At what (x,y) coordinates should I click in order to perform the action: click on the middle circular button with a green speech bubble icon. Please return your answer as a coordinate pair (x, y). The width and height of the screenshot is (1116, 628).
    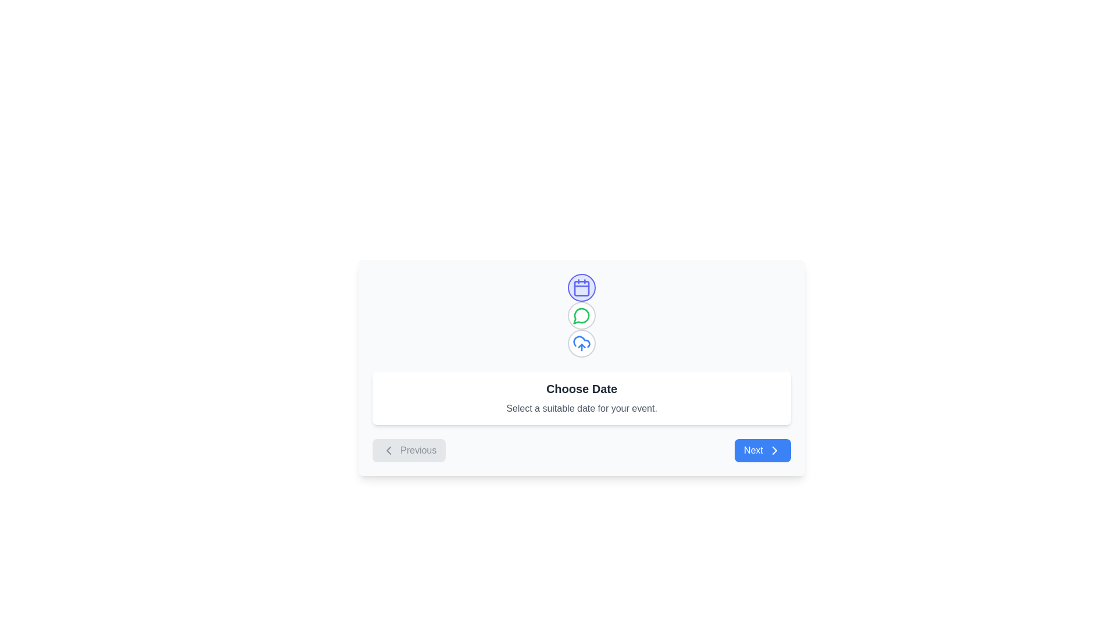
    Looking at the image, I should click on (582, 316).